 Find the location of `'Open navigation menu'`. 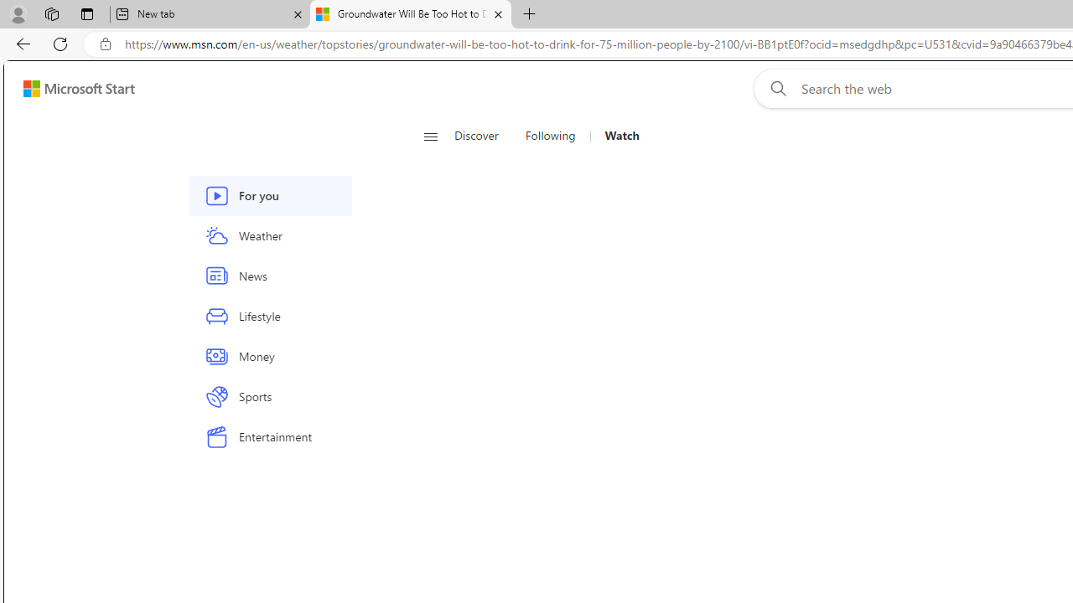

'Open navigation menu' is located at coordinates (430, 136).